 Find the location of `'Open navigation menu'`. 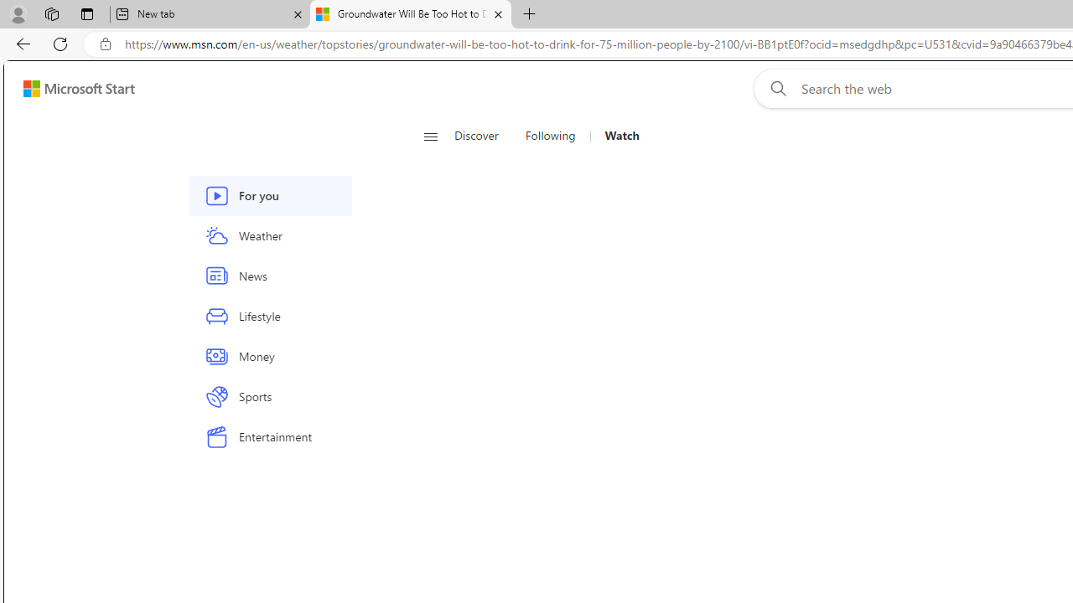

'Open navigation menu' is located at coordinates (430, 136).